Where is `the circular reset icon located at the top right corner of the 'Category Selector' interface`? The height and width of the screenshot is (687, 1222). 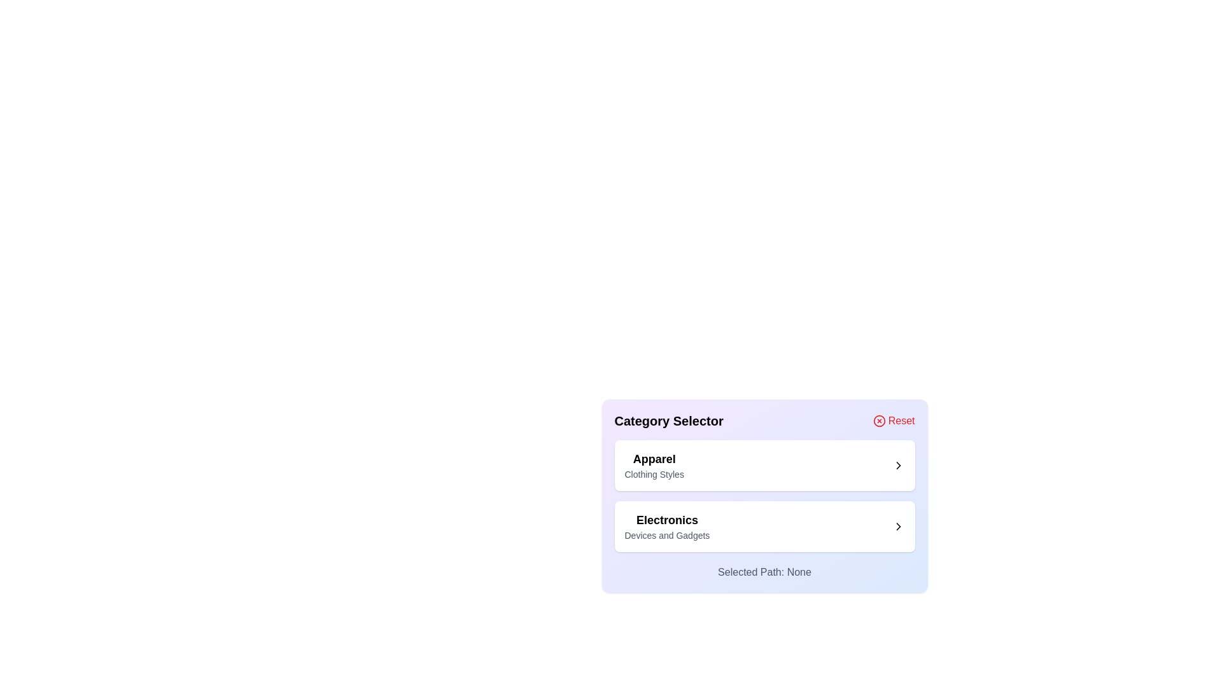 the circular reset icon located at the top right corner of the 'Category Selector' interface is located at coordinates (878, 421).